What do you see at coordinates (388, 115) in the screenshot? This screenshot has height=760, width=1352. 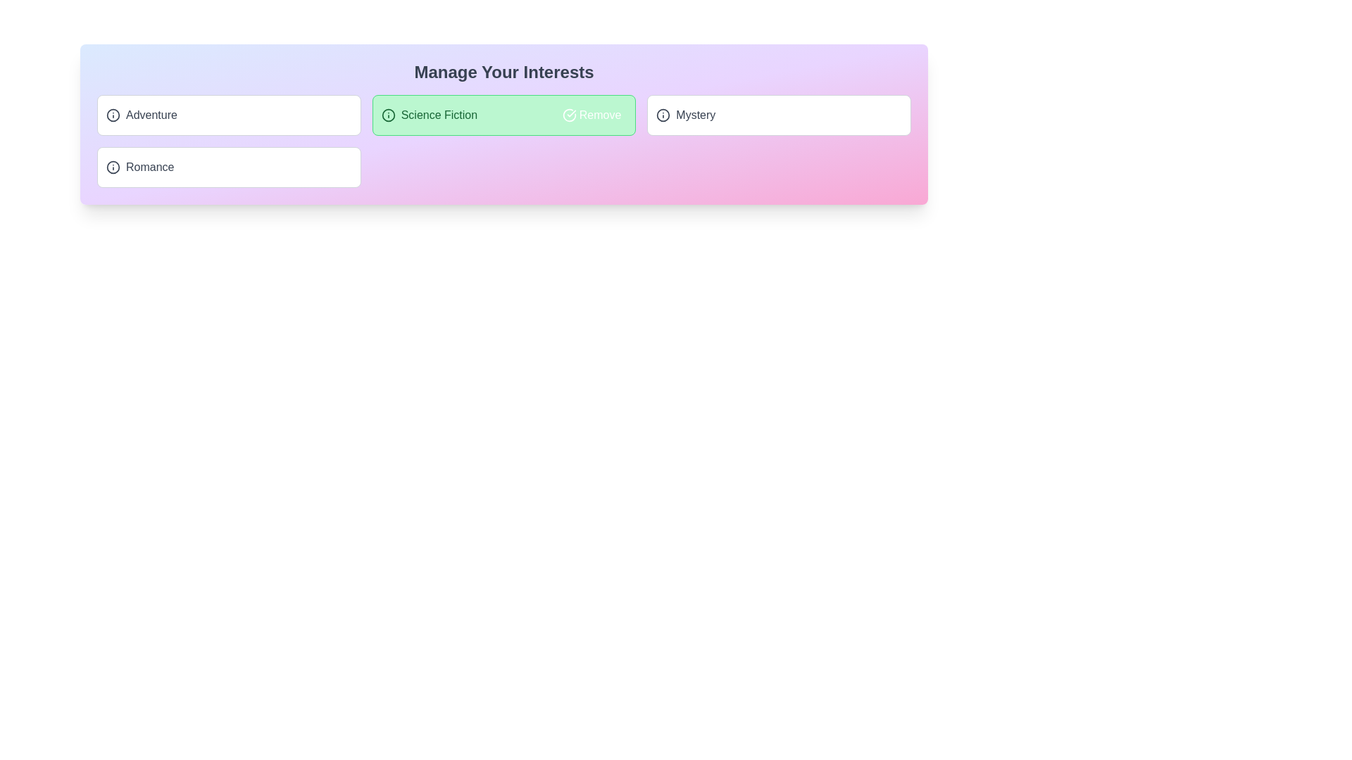 I see `the information icon for the tag 'Science Fiction' to read its description` at bounding box center [388, 115].